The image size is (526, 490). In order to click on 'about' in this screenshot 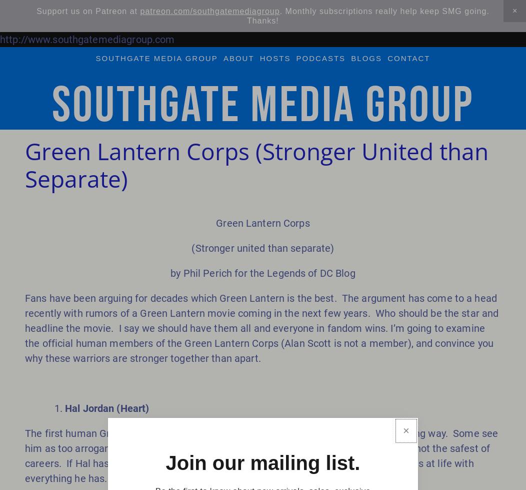, I will do `click(238, 58)`.